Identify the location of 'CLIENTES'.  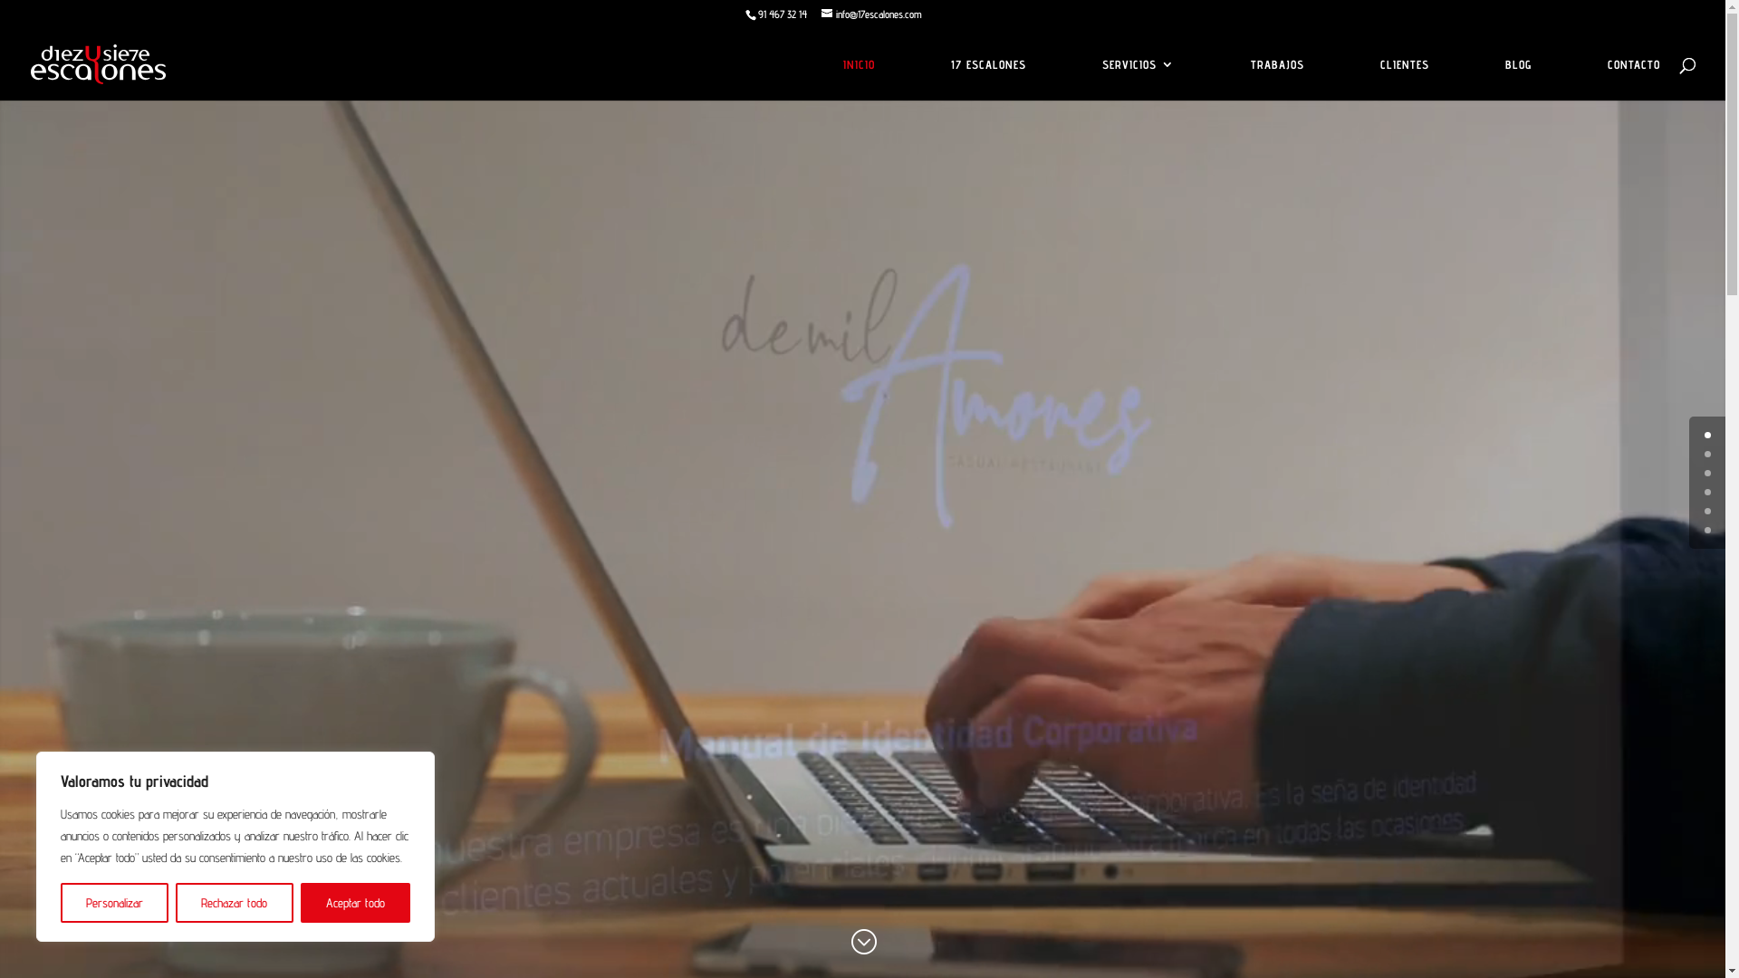
(1403, 78).